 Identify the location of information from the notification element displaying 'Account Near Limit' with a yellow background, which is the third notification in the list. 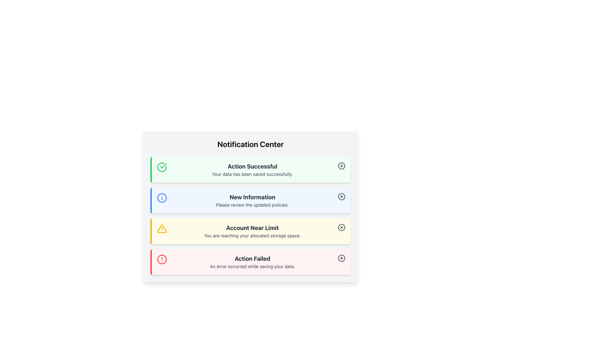
(252, 231).